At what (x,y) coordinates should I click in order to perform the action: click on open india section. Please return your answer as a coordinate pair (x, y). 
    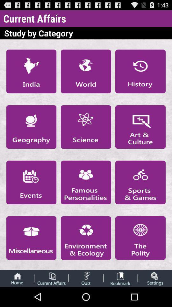
    Looking at the image, I should click on (31, 71).